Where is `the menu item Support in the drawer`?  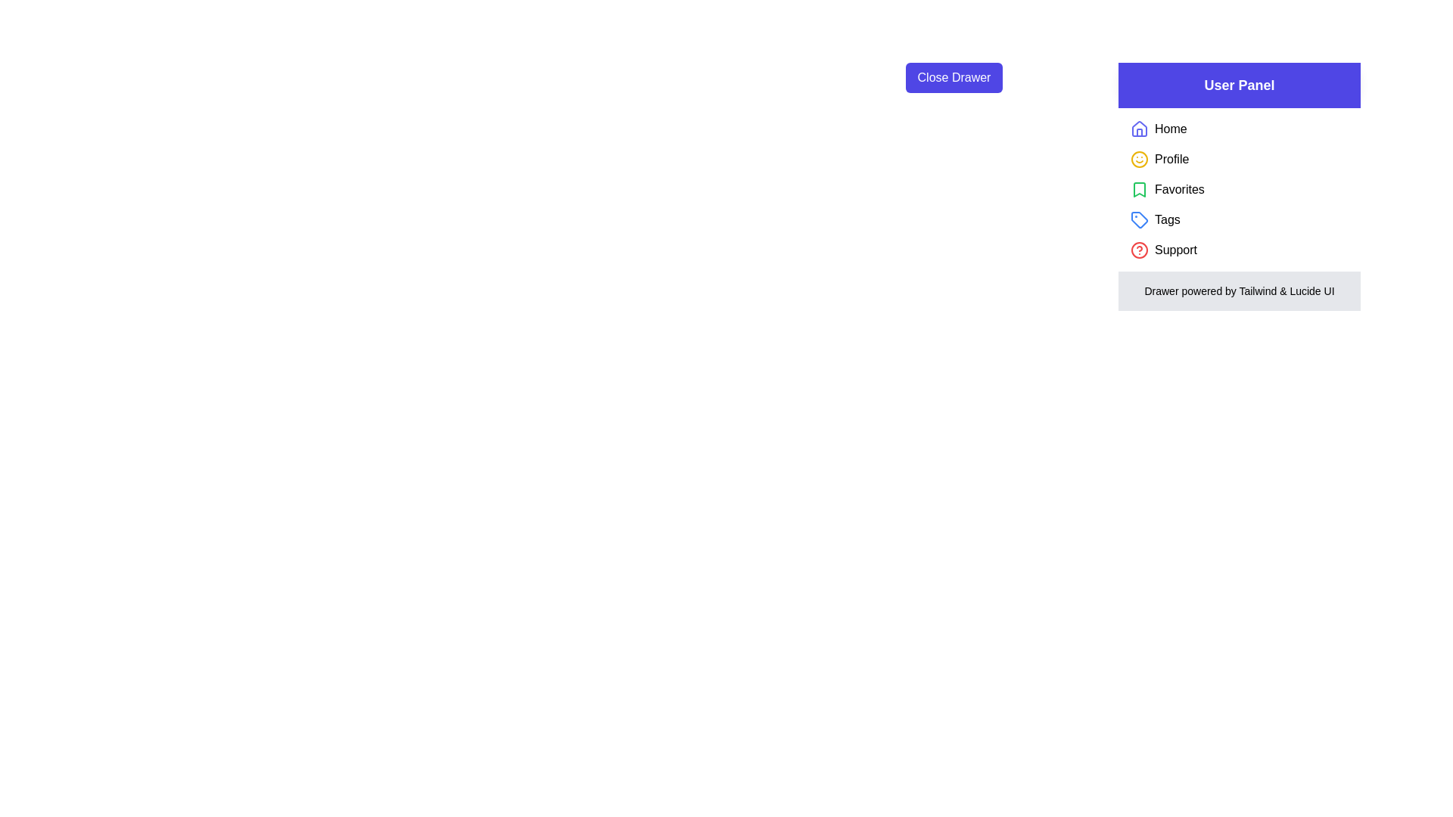 the menu item Support in the drawer is located at coordinates (1175, 250).